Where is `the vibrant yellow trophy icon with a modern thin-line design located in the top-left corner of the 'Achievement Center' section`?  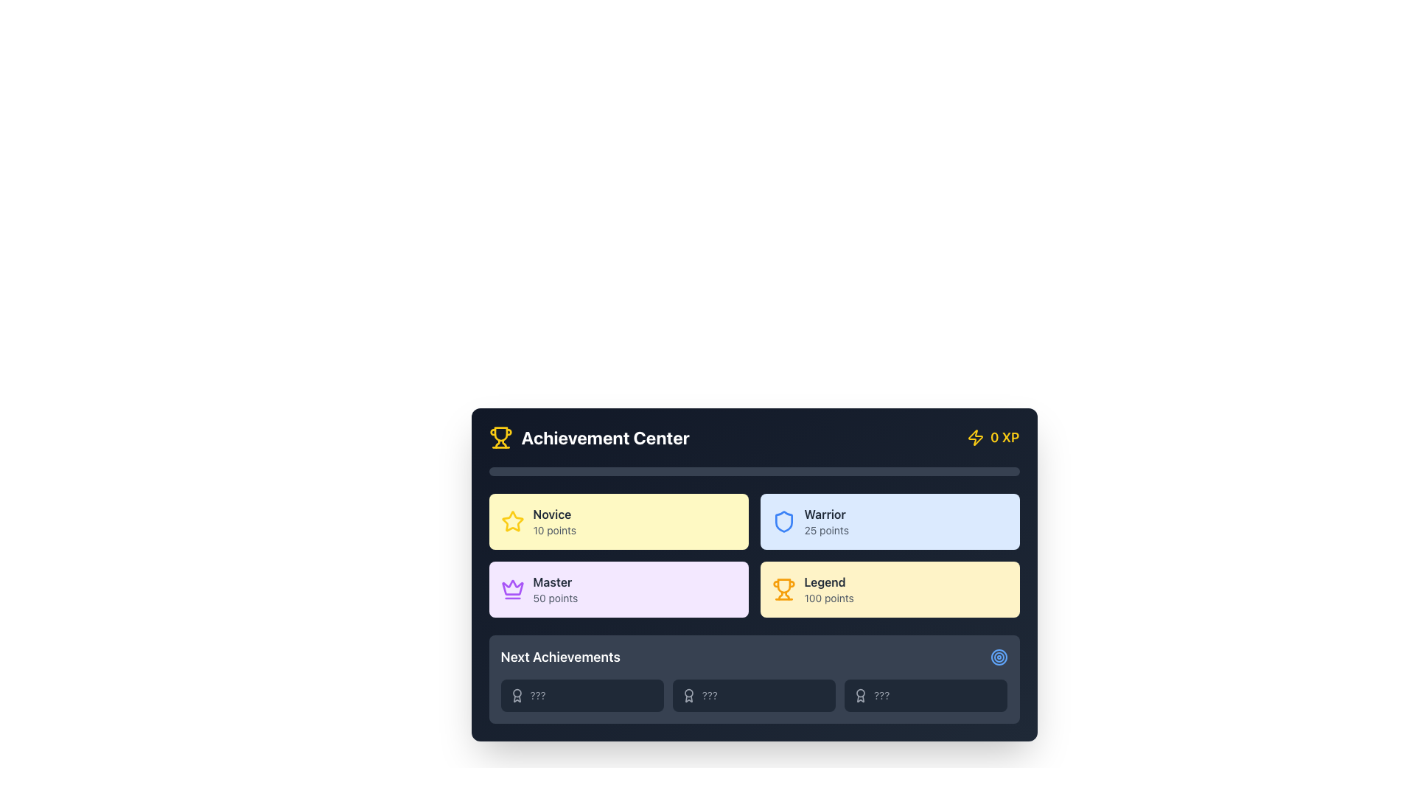
the vibrant yellow trophy icon with a modern thin-line design located in the top-left corner of the 'Achievement Center' section is located at coordinates (500, 437).